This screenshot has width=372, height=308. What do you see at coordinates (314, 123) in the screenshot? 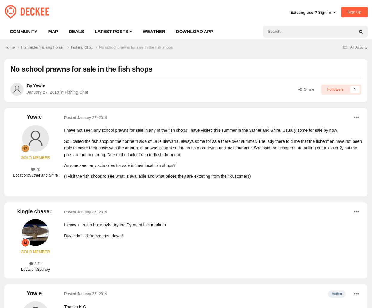
I see `'Pages'` at bounding box center [314, 123].